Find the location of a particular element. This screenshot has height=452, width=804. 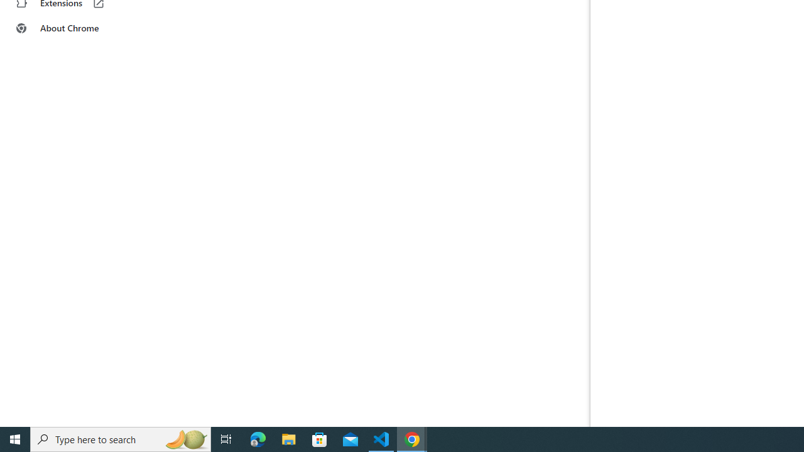

'Microsoft Edge' is located at coordinates (258, 438).